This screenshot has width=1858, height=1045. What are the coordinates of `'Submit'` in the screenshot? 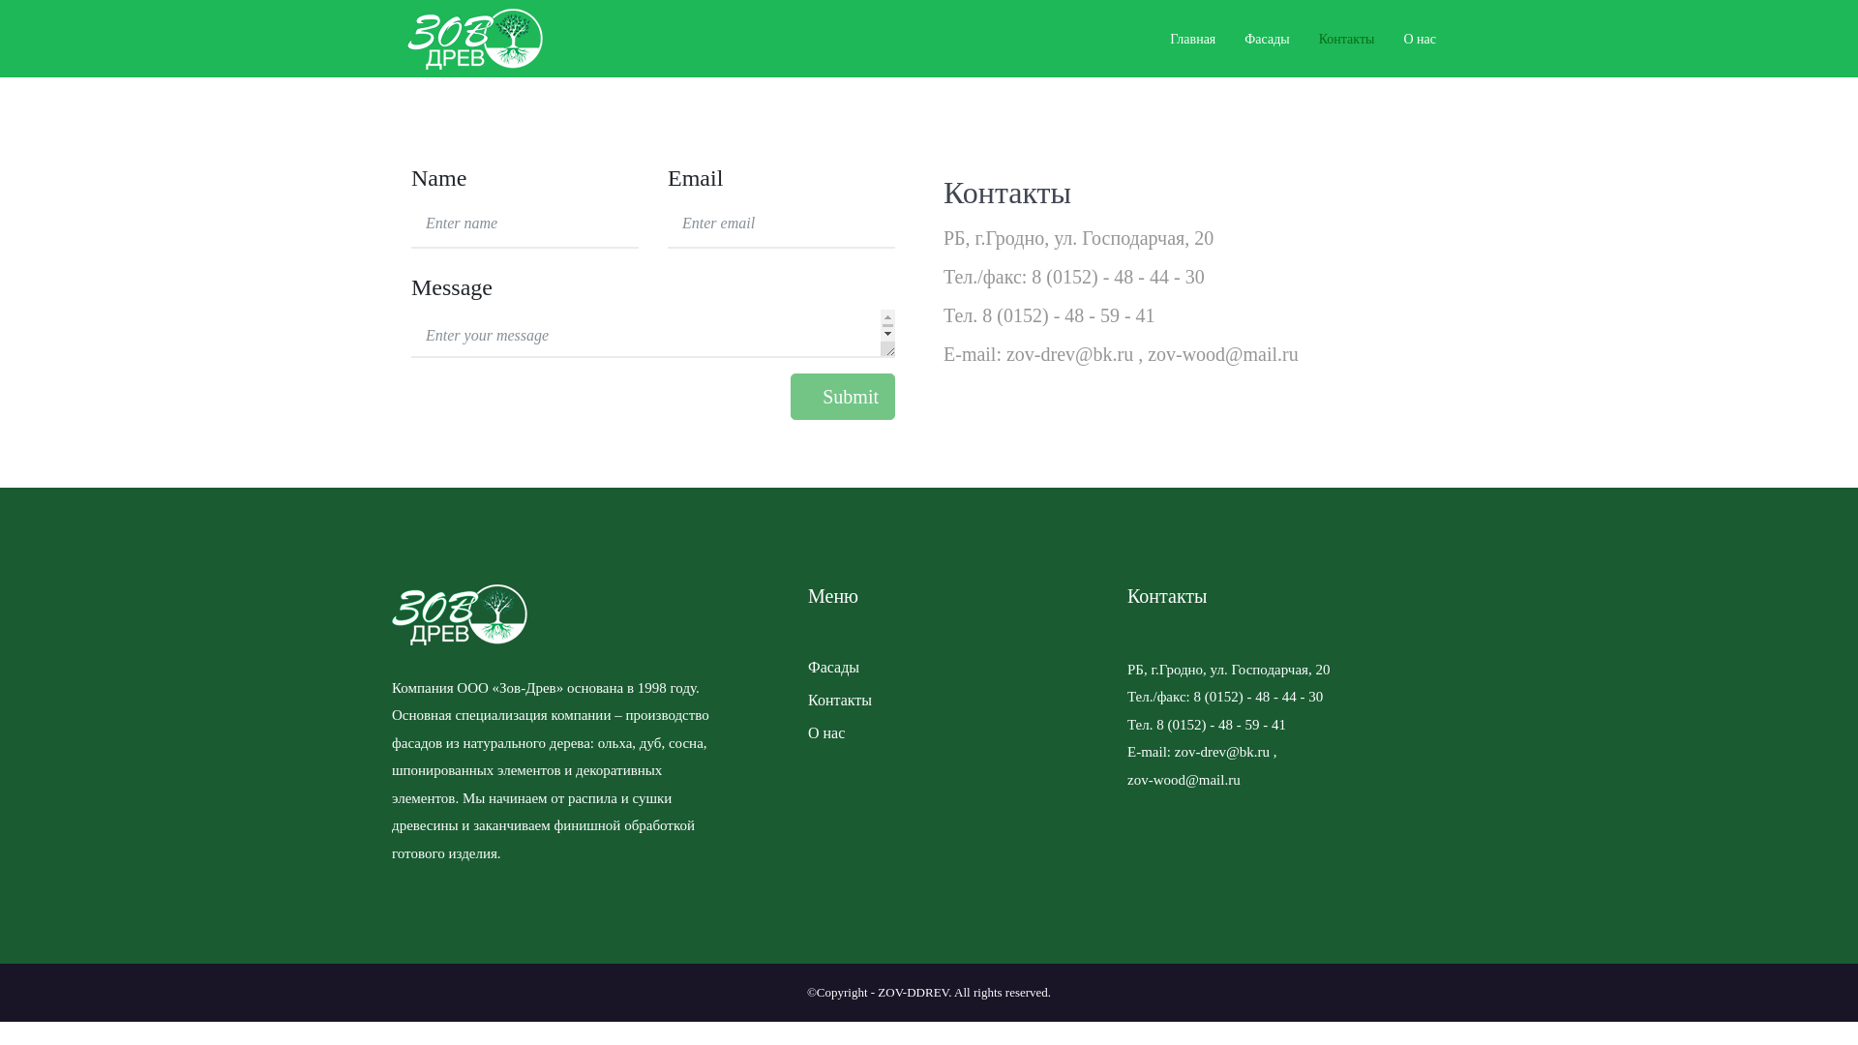 It's located at (790, 395).